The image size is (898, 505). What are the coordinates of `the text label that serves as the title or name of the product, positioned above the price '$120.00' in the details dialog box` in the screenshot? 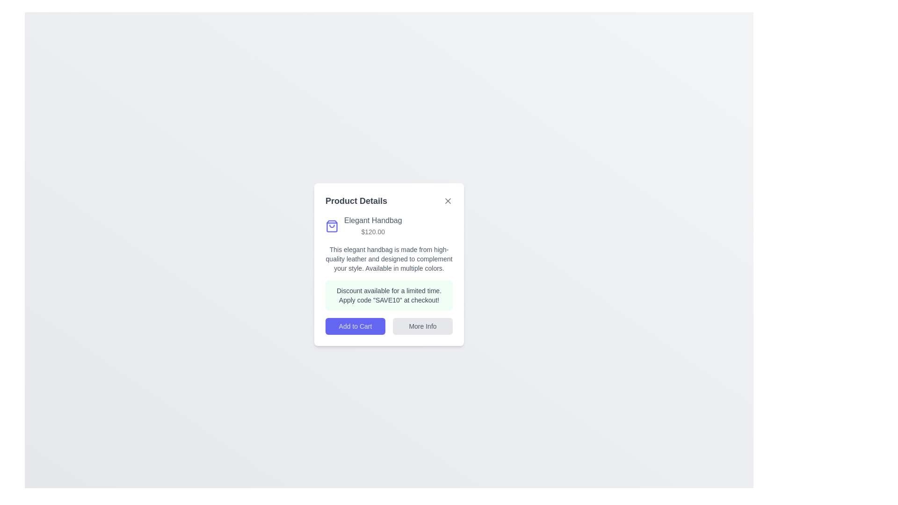 It's located at (372, 220).